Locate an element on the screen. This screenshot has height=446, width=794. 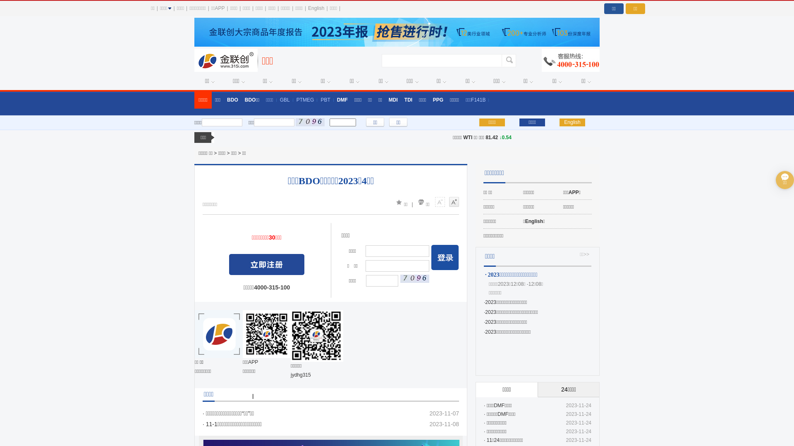
'English' is located at coordinates (305, 8).